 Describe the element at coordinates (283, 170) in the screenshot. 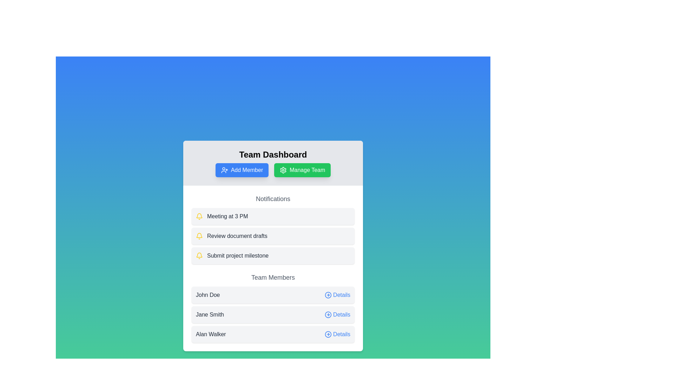

I see `the settings icon, which is a cogwheel styled element located within the green 'Manage Team' button` at that location.